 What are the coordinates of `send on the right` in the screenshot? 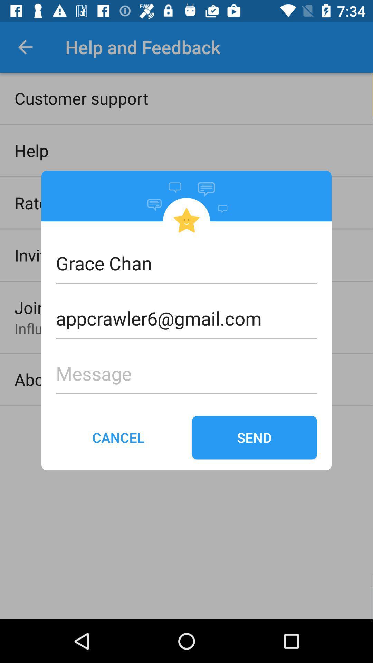 It's located at (254, 437).